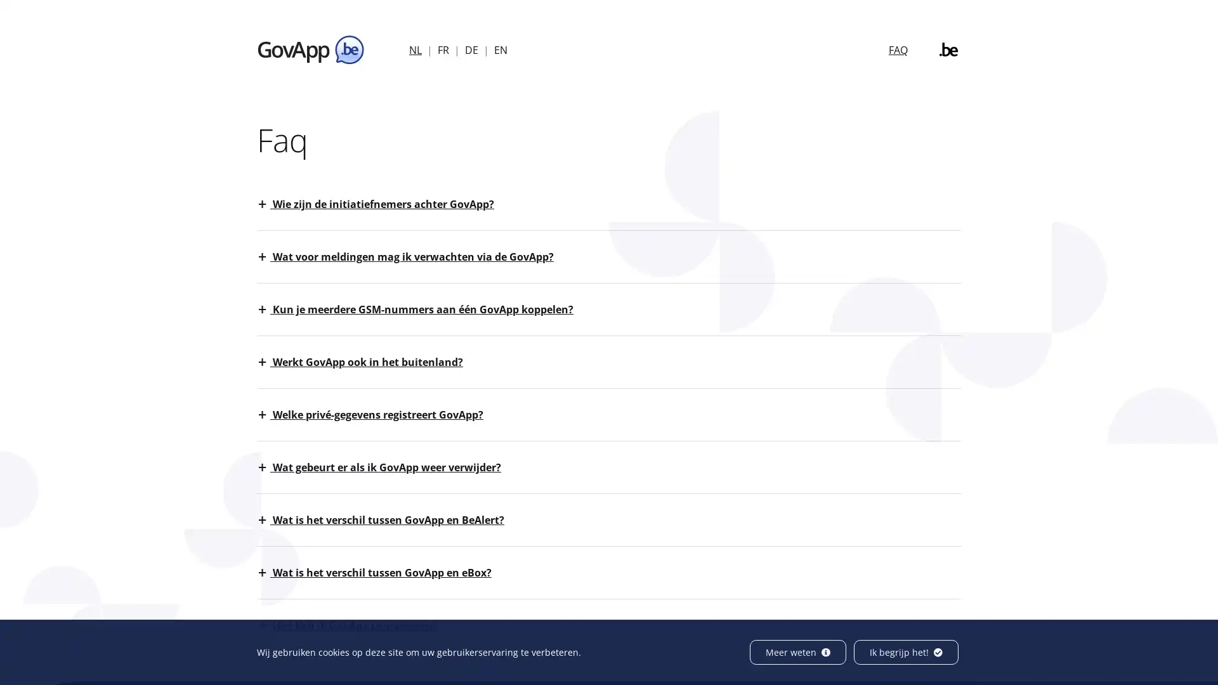 Image resolution: width=1218 pixels, height=685 pixels. Describe the element at coordinates (377, 415) in the screenshot. I see `+ Welke prive-gegevens registreert GovApp?` at that location.